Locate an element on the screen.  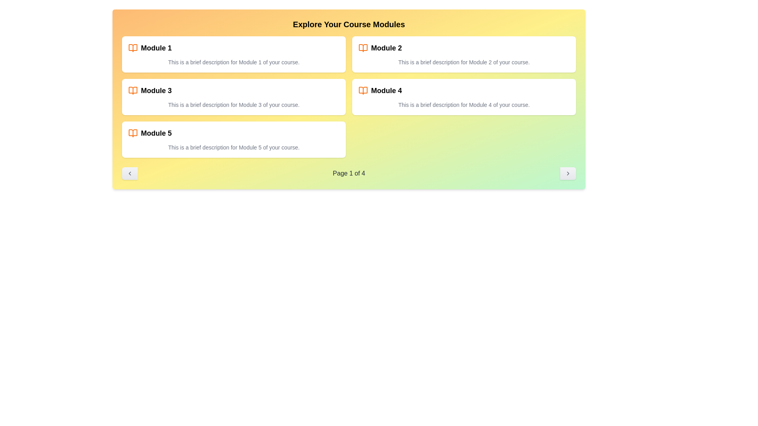
the small orange book icon located to the left of the text 'Module 3' in the middle row of the module listing is located at coordinates (133, 90).